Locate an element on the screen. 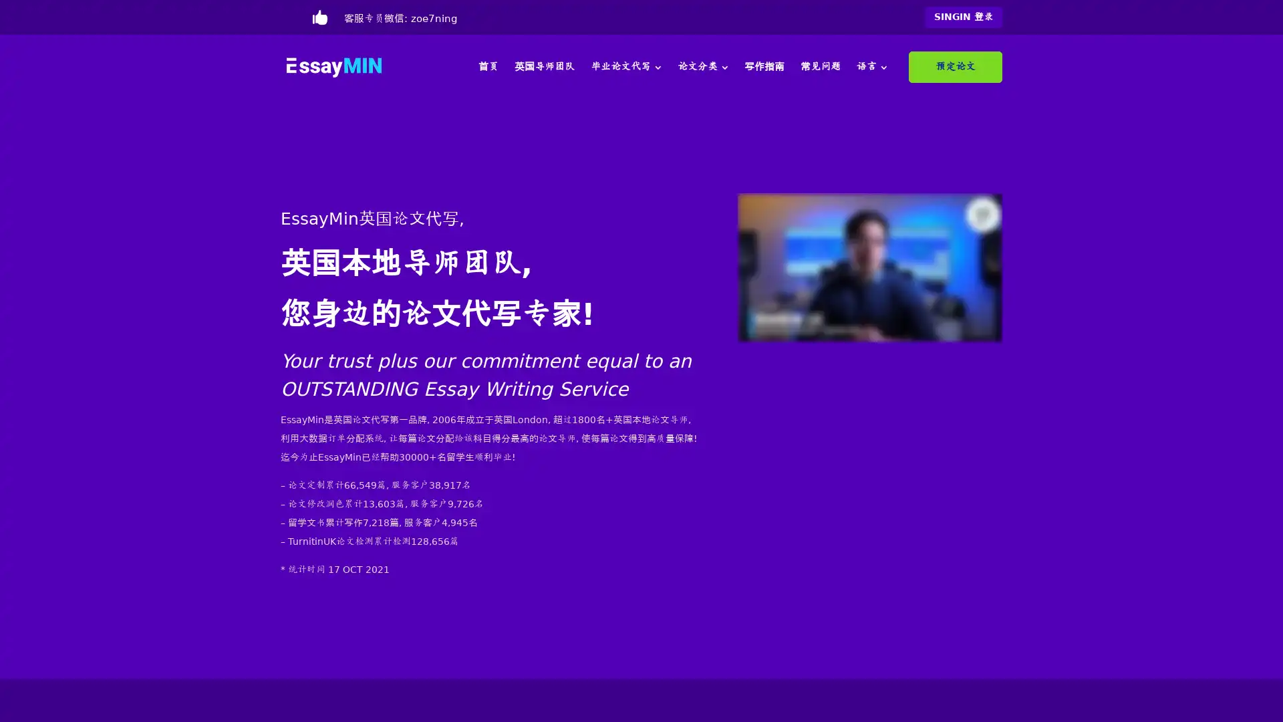  3 is located at coordinates (883, 67).